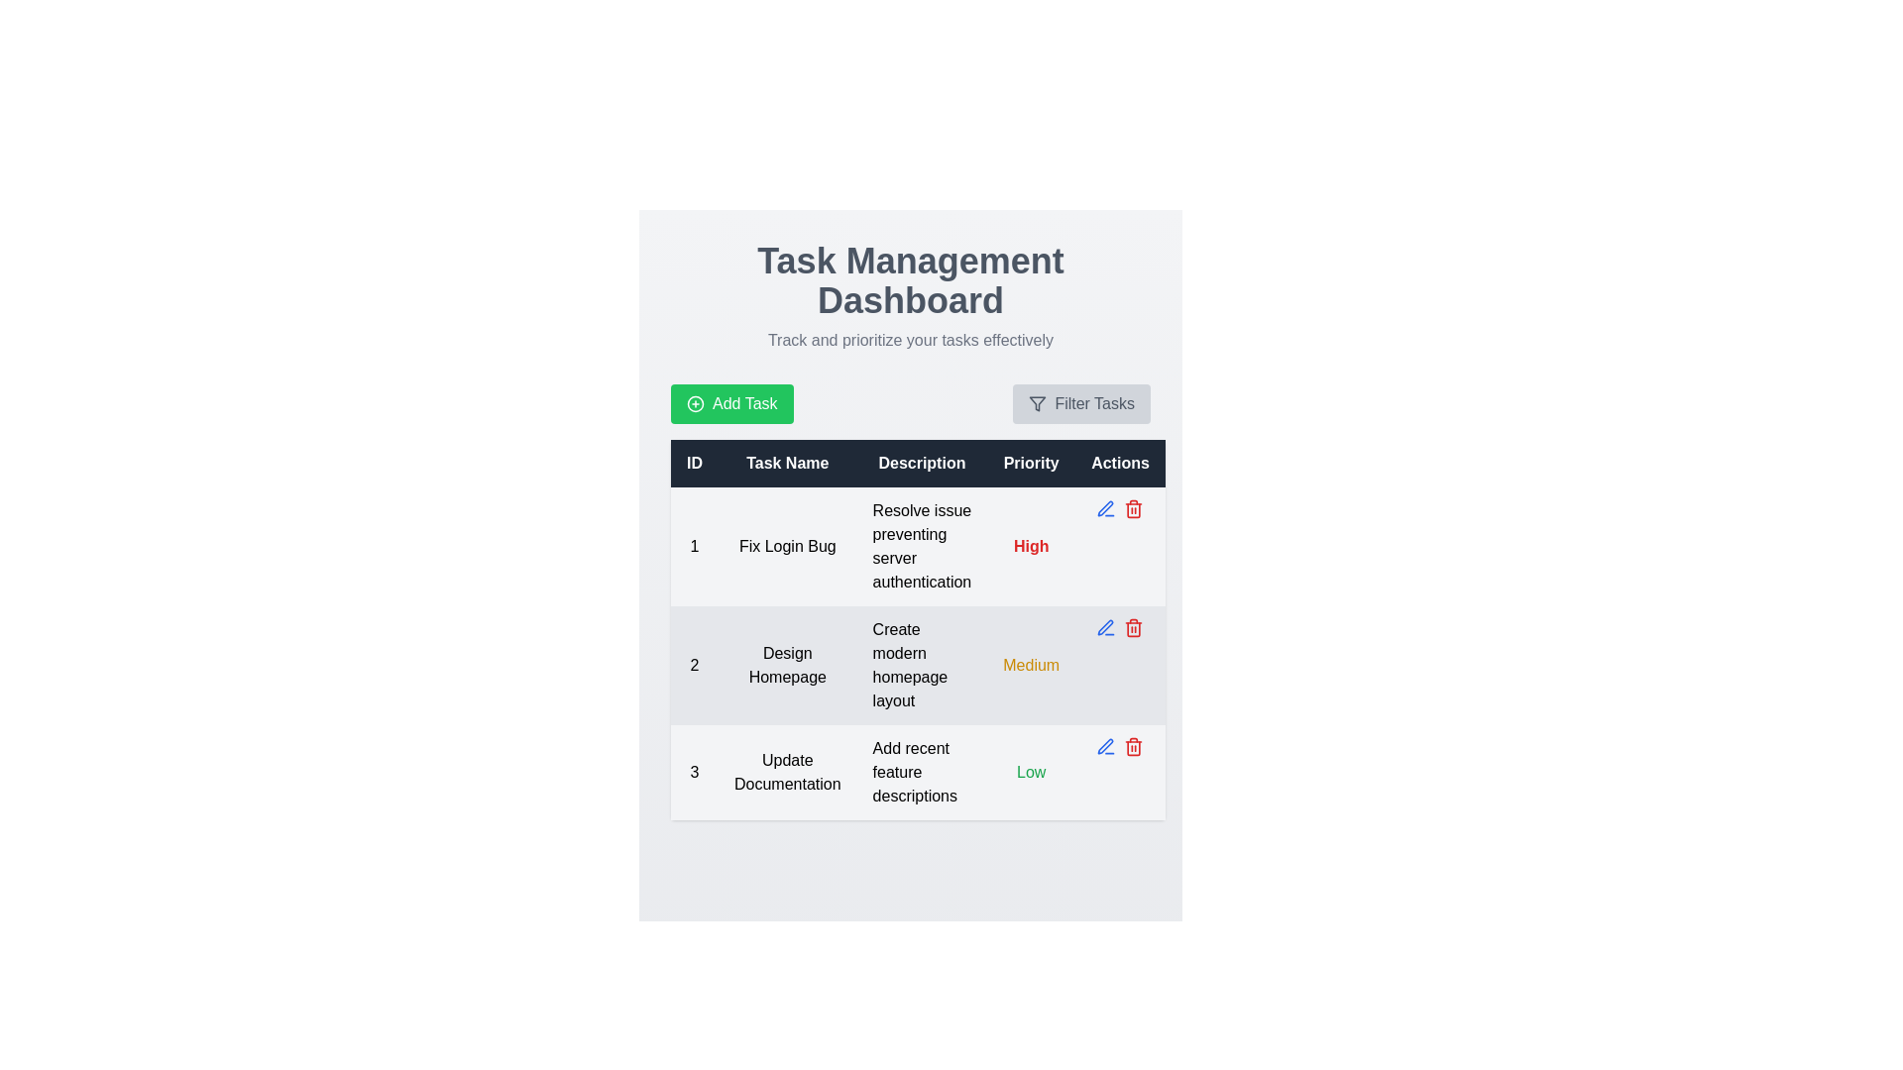 The height and width of the screenshot is (1070, 1903). I want to click on the edit icon button located in the 'Actions' column of the third row in the task table to modify the associated task information, so click(1105, 746).